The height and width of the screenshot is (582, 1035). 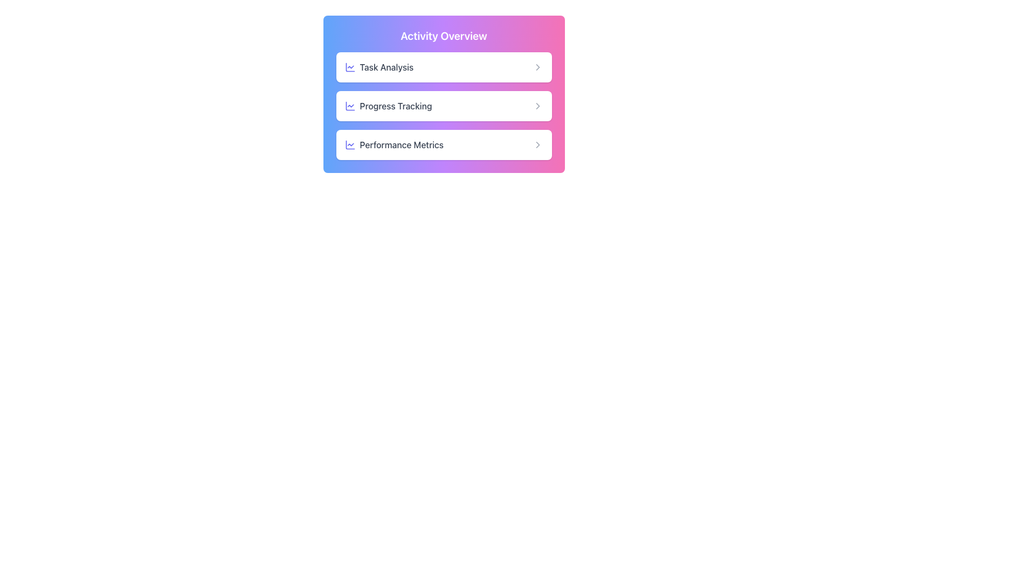 I want to click on the rightward-pointing chevron icon located within the highlighted 'Progress Tracking' section to indicate navigation, so click(x=537, y=106).